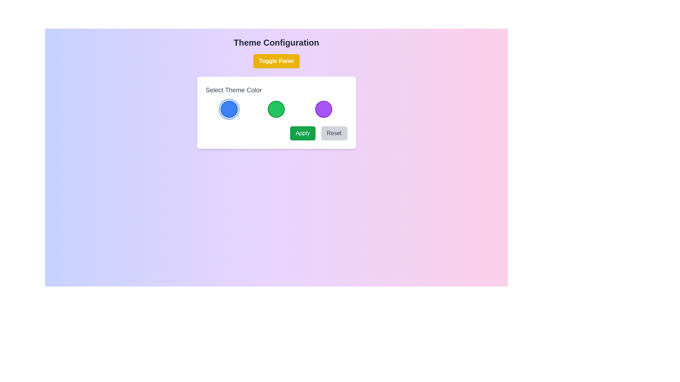 The height and width of the screenshot is (382, 680). Describe the element at coordinates (323, 109) in the screenshot. I see `the circular button with a purple background` at that location.